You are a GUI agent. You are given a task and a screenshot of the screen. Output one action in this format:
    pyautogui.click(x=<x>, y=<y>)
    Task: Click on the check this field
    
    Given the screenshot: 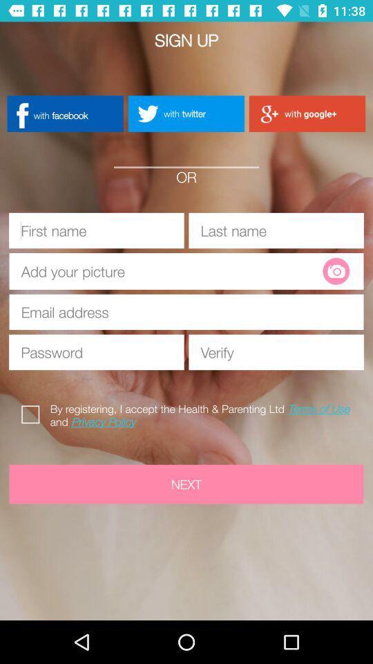 What is the action you would take?
    pyautogui.click(x=33, y=412)
    